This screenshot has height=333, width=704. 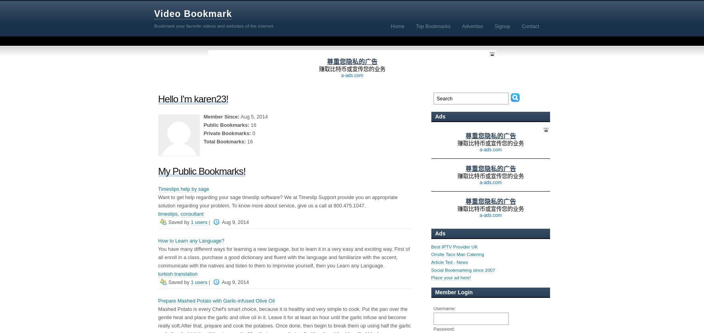 What do you see at coordinates (227, 132) in the screenshot?
I see `'Private Bookmarks:'` at bounding box center [227, 132].